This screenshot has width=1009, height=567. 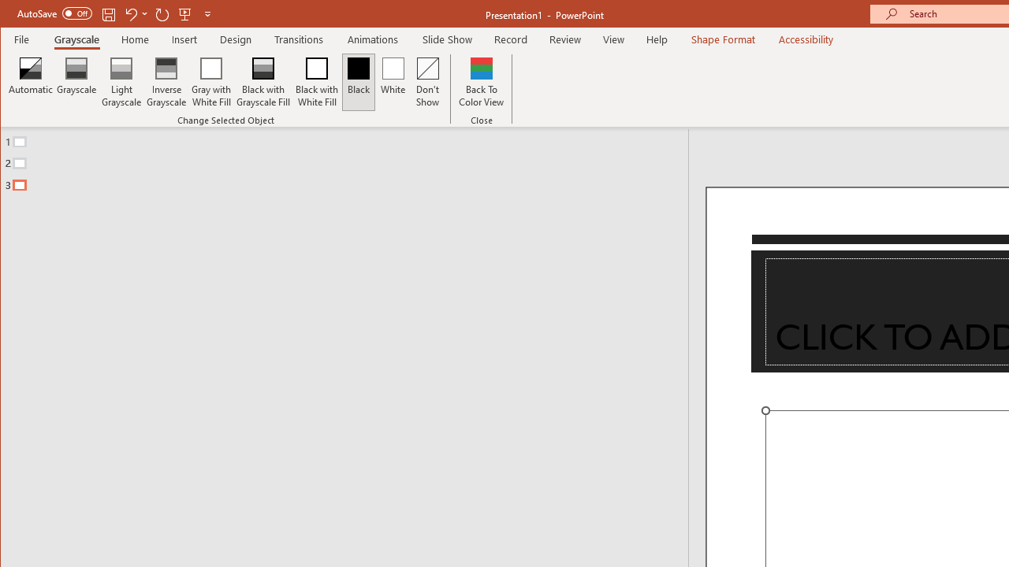 What do you see at coordinates (358, 82) in the screenshot?
I see `'Black'` at bounding box center [358, 82].